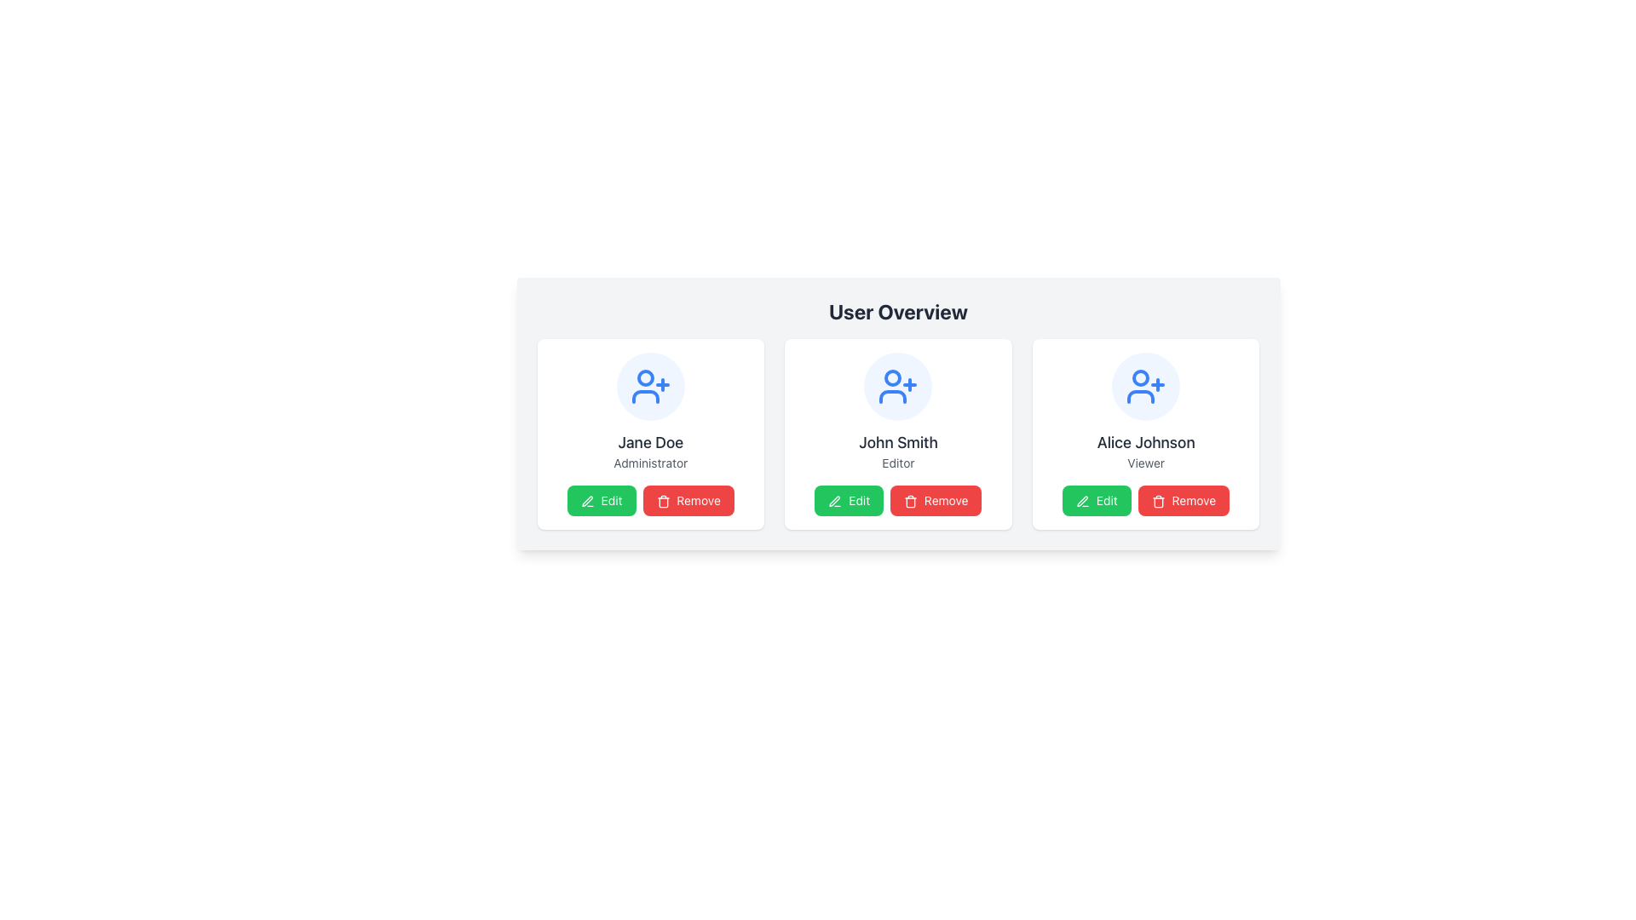 This screenshot has width=1636, height=920. What do you see at coordinates (1146, 387) in the screenshot?
I see `the add user icon located at the center-top area of Alice Johnson's profile card` at bounding box center [1146, 387].